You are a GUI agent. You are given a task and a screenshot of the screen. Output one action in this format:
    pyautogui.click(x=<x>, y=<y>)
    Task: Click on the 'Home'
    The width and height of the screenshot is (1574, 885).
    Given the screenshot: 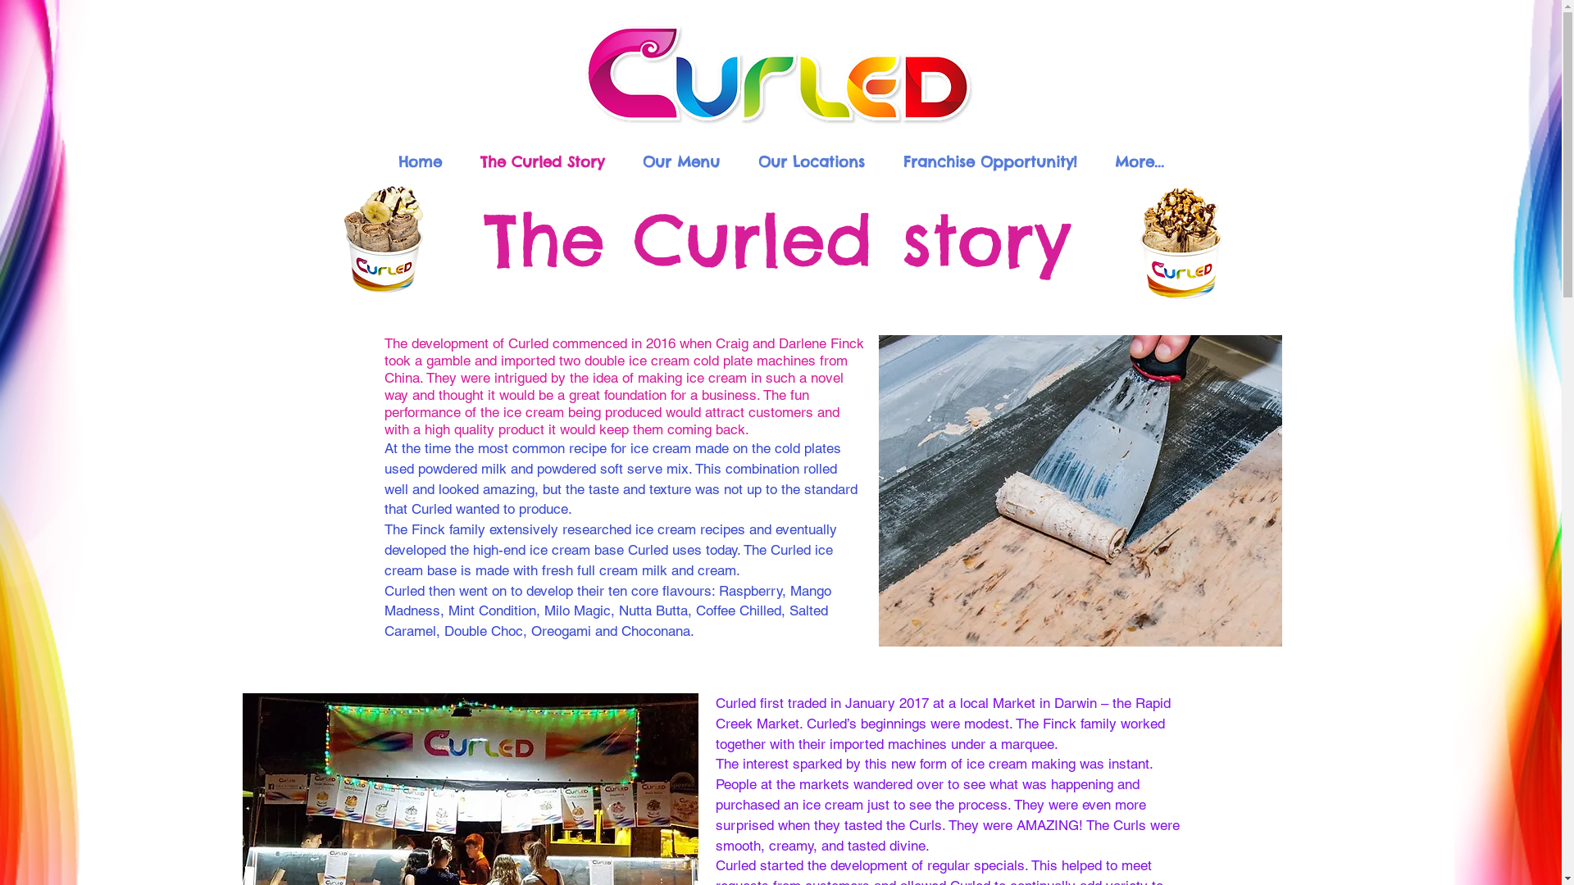 What is the action you would take?
    pyautogui.click(x=420, y=160)
    